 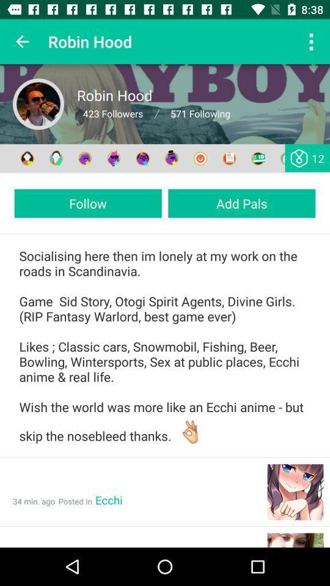 What do you see at coordinates (87, 203) in the screenshot?
I see `follow item` at bounding box center [87, 203].